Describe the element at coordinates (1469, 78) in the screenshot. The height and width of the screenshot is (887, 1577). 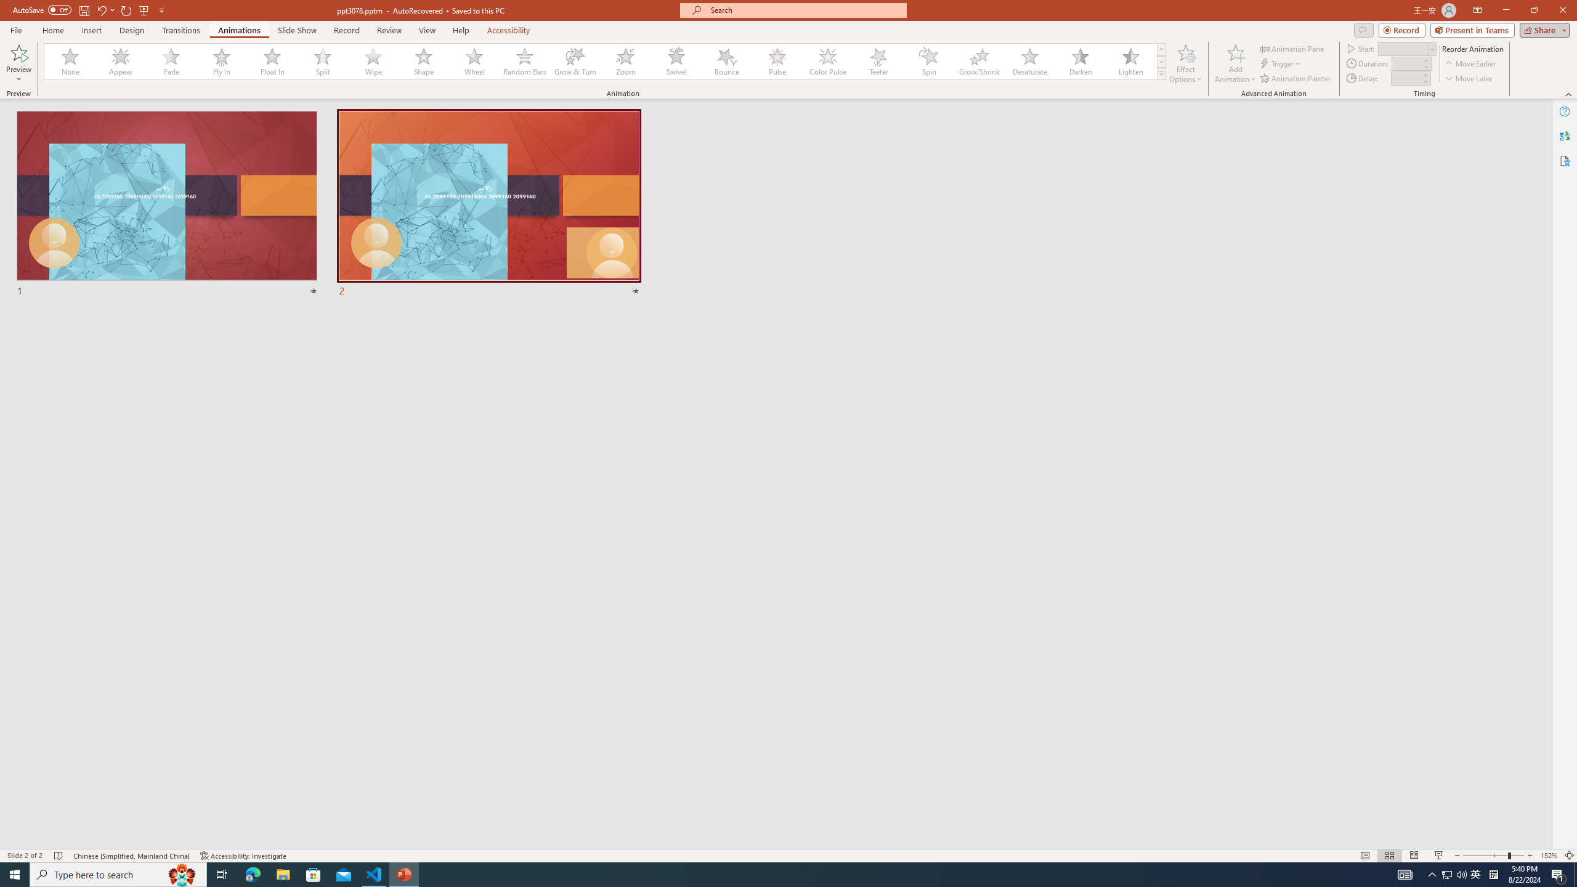
I see `'Move Later'` at that location.